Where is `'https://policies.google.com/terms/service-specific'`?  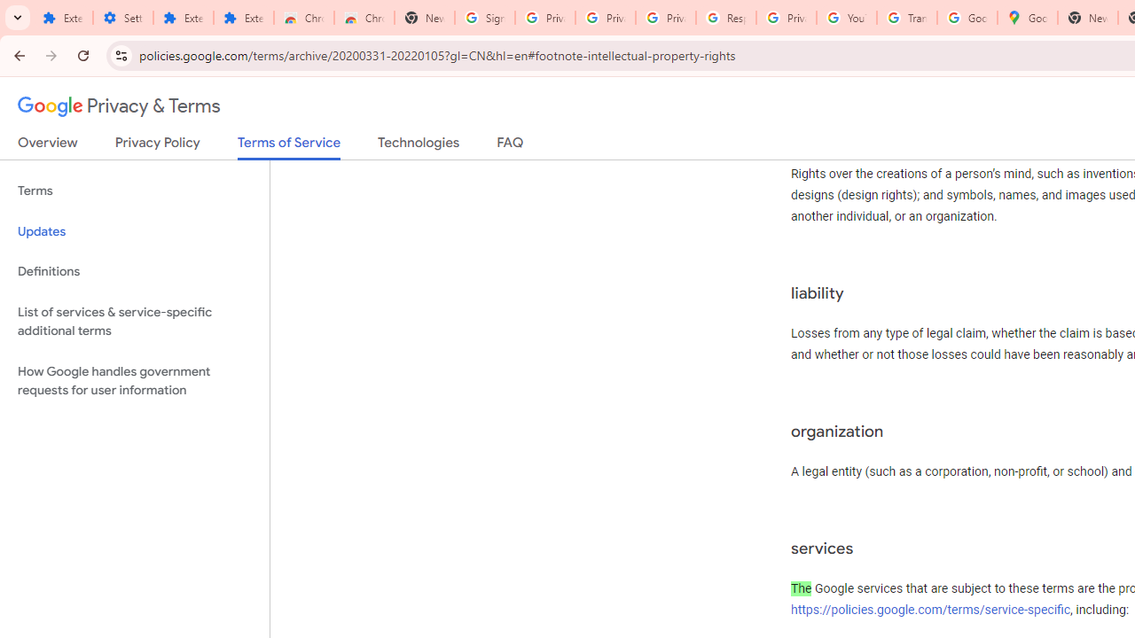
'https://policies.google.com/terms/service-specific' is located at coordinates (930, 608).